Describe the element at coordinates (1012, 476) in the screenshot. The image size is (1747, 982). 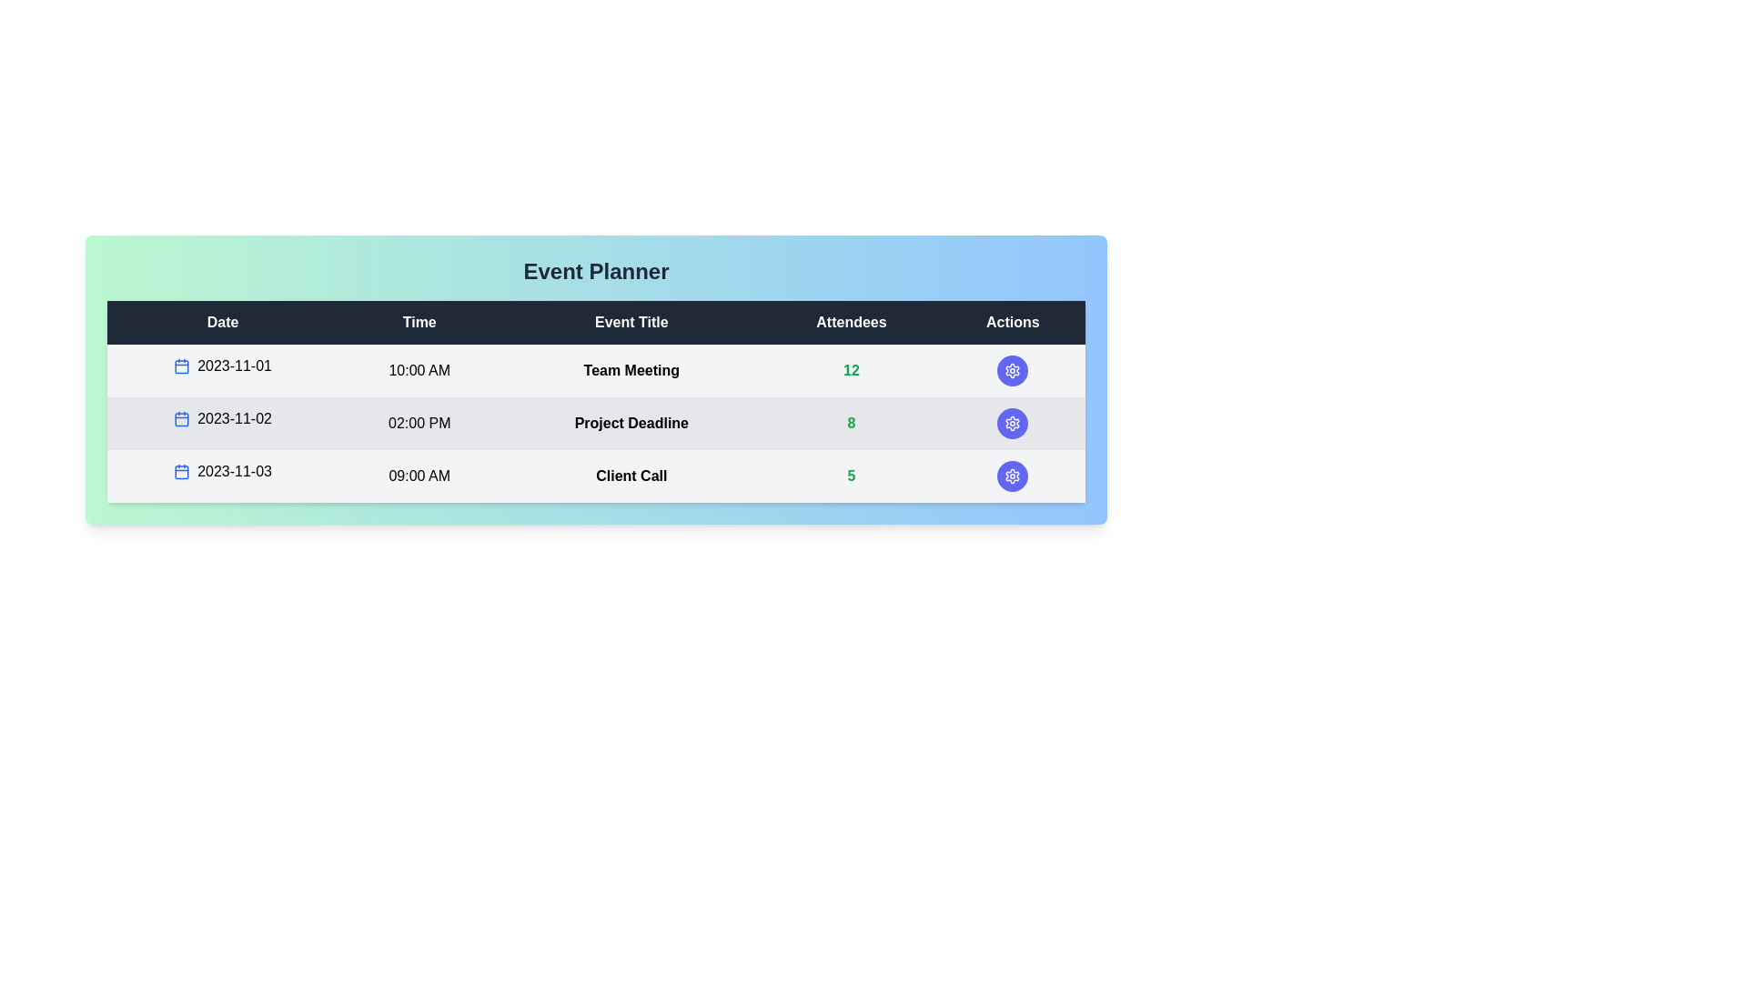
I see `the action button in the row corresponding to Client Call` at that location.